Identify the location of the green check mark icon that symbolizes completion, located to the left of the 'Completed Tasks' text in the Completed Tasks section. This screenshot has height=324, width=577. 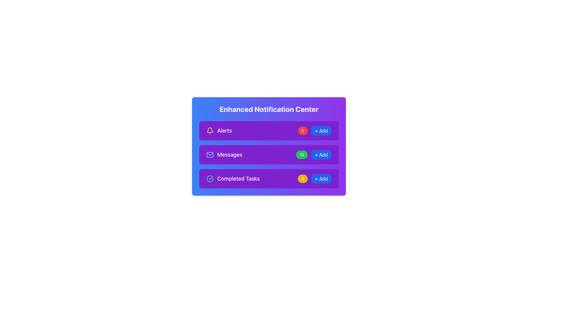
(210, 178).